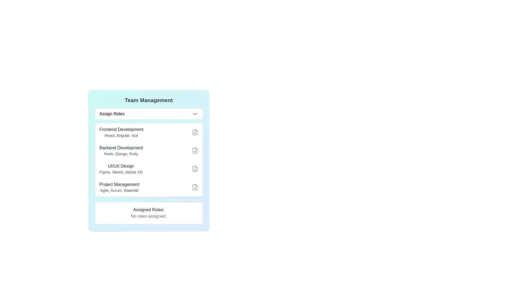  I want to click on the selectable list item displaying 'Frontend Development' in the 'Team Management' section, so click(149, 132).